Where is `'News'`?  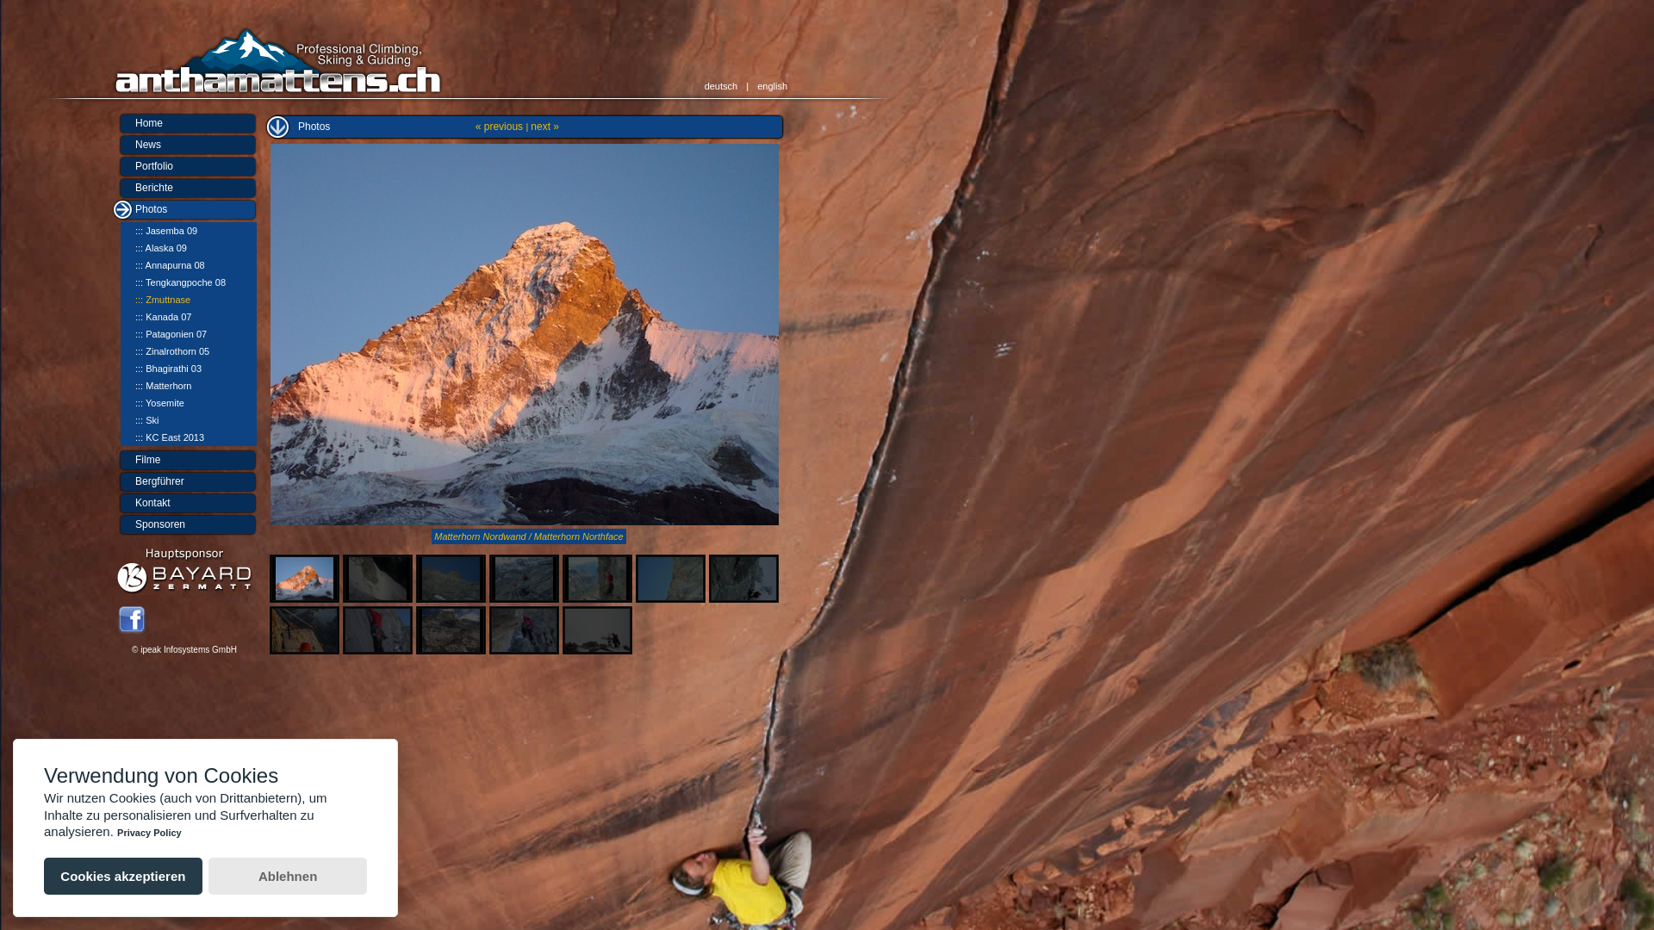
'News' is located at coordinates (184, 144).